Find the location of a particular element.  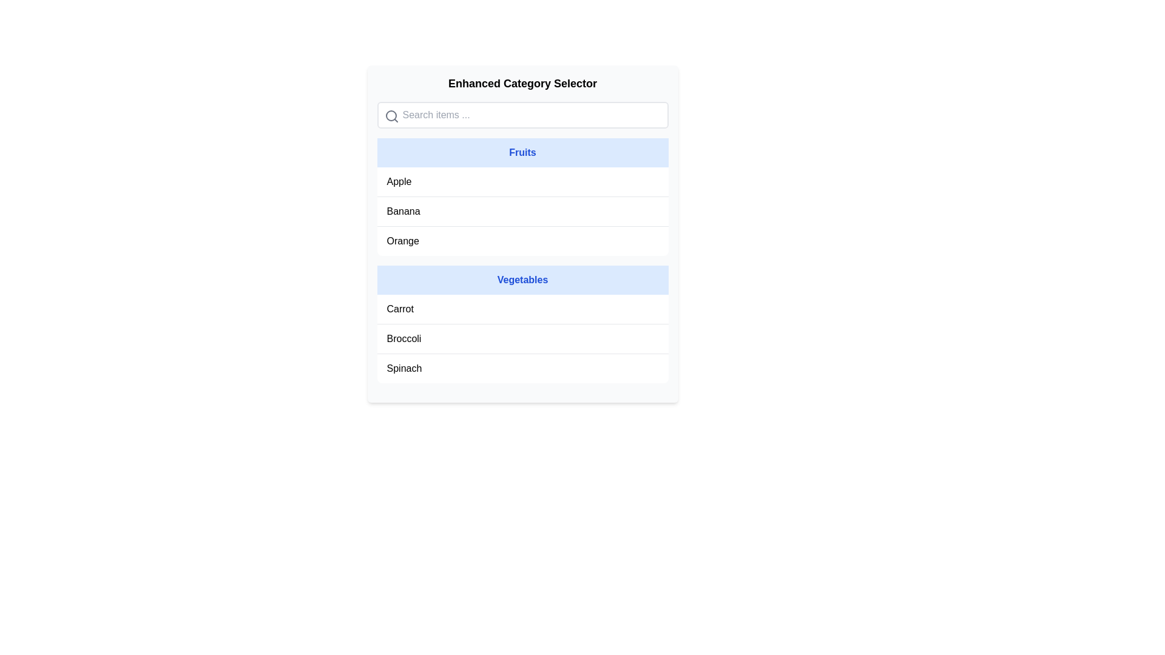

the circular icon of the search element, which is styled with a thin border and positioned near the center of the search icon in the top-left corner of the search bar is located at coordinates (391, 116).